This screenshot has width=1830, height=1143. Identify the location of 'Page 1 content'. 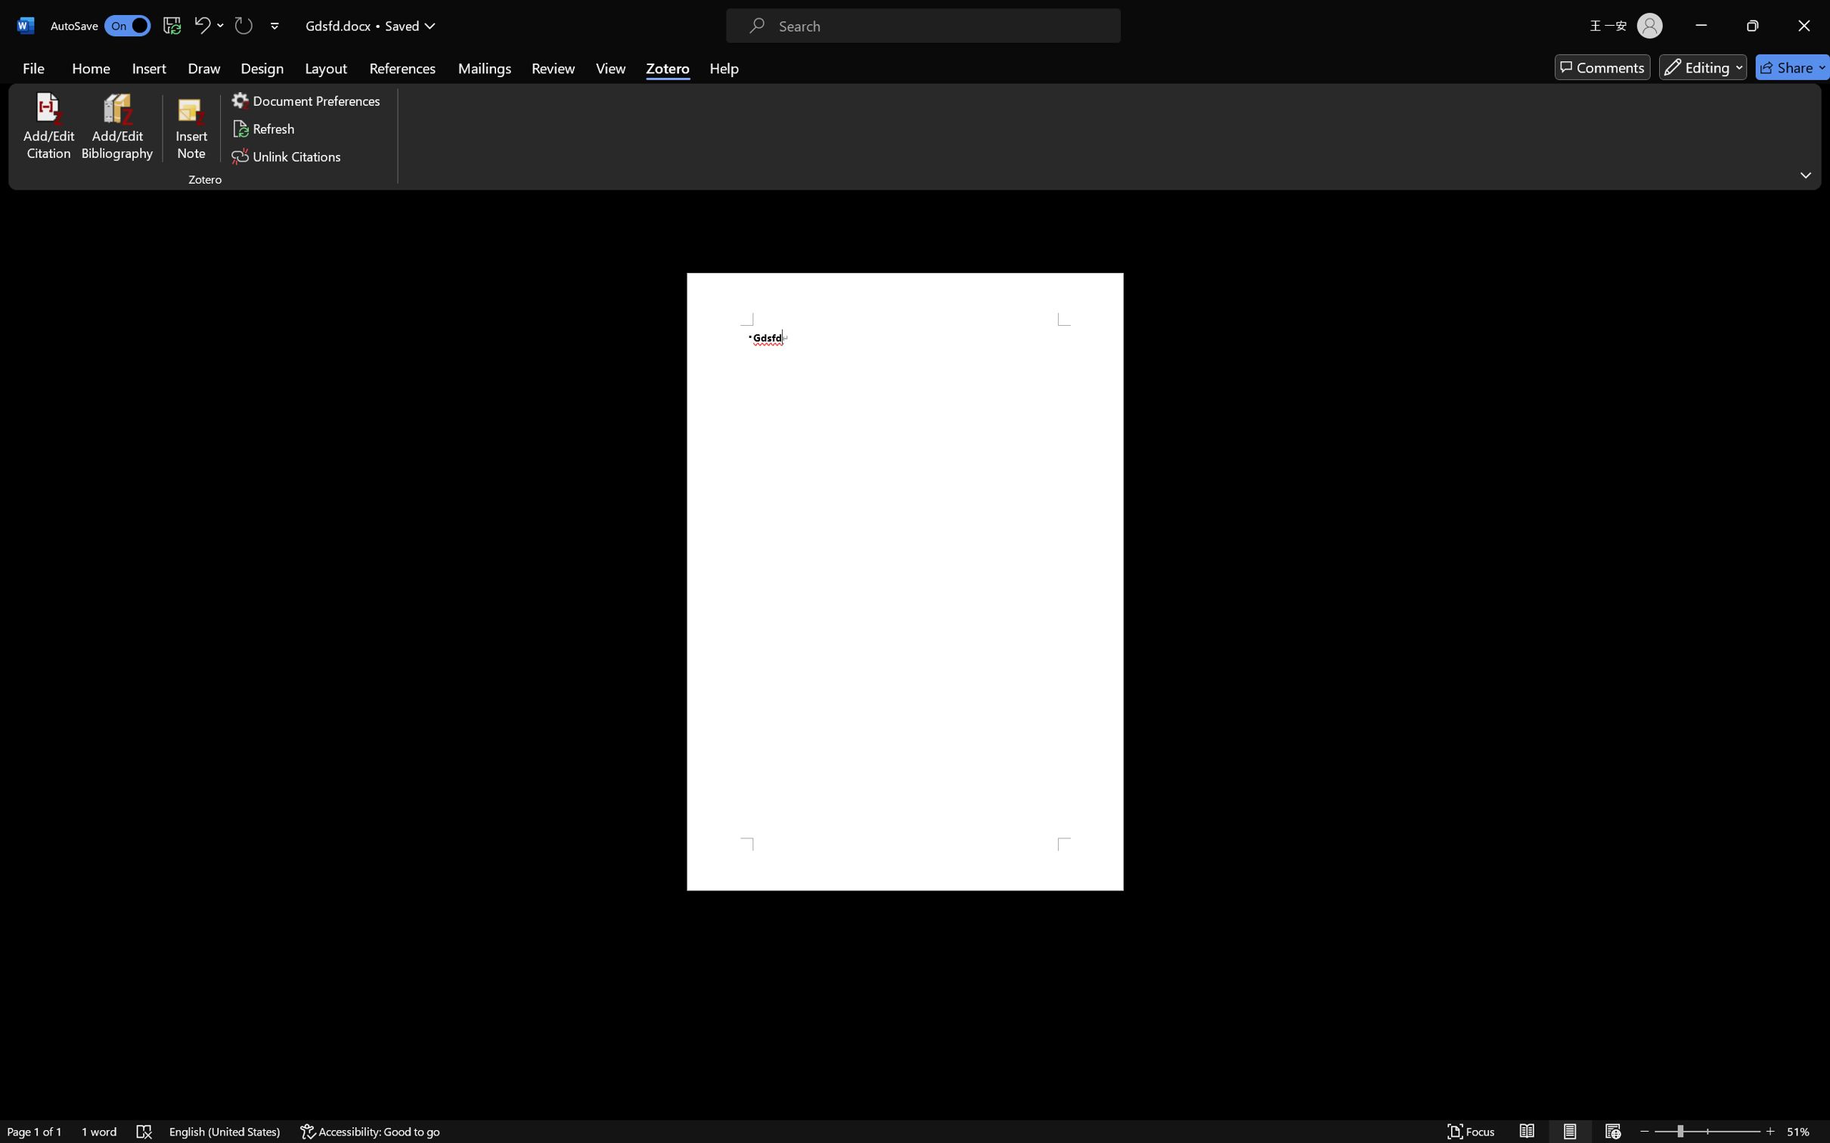
(904, 581).